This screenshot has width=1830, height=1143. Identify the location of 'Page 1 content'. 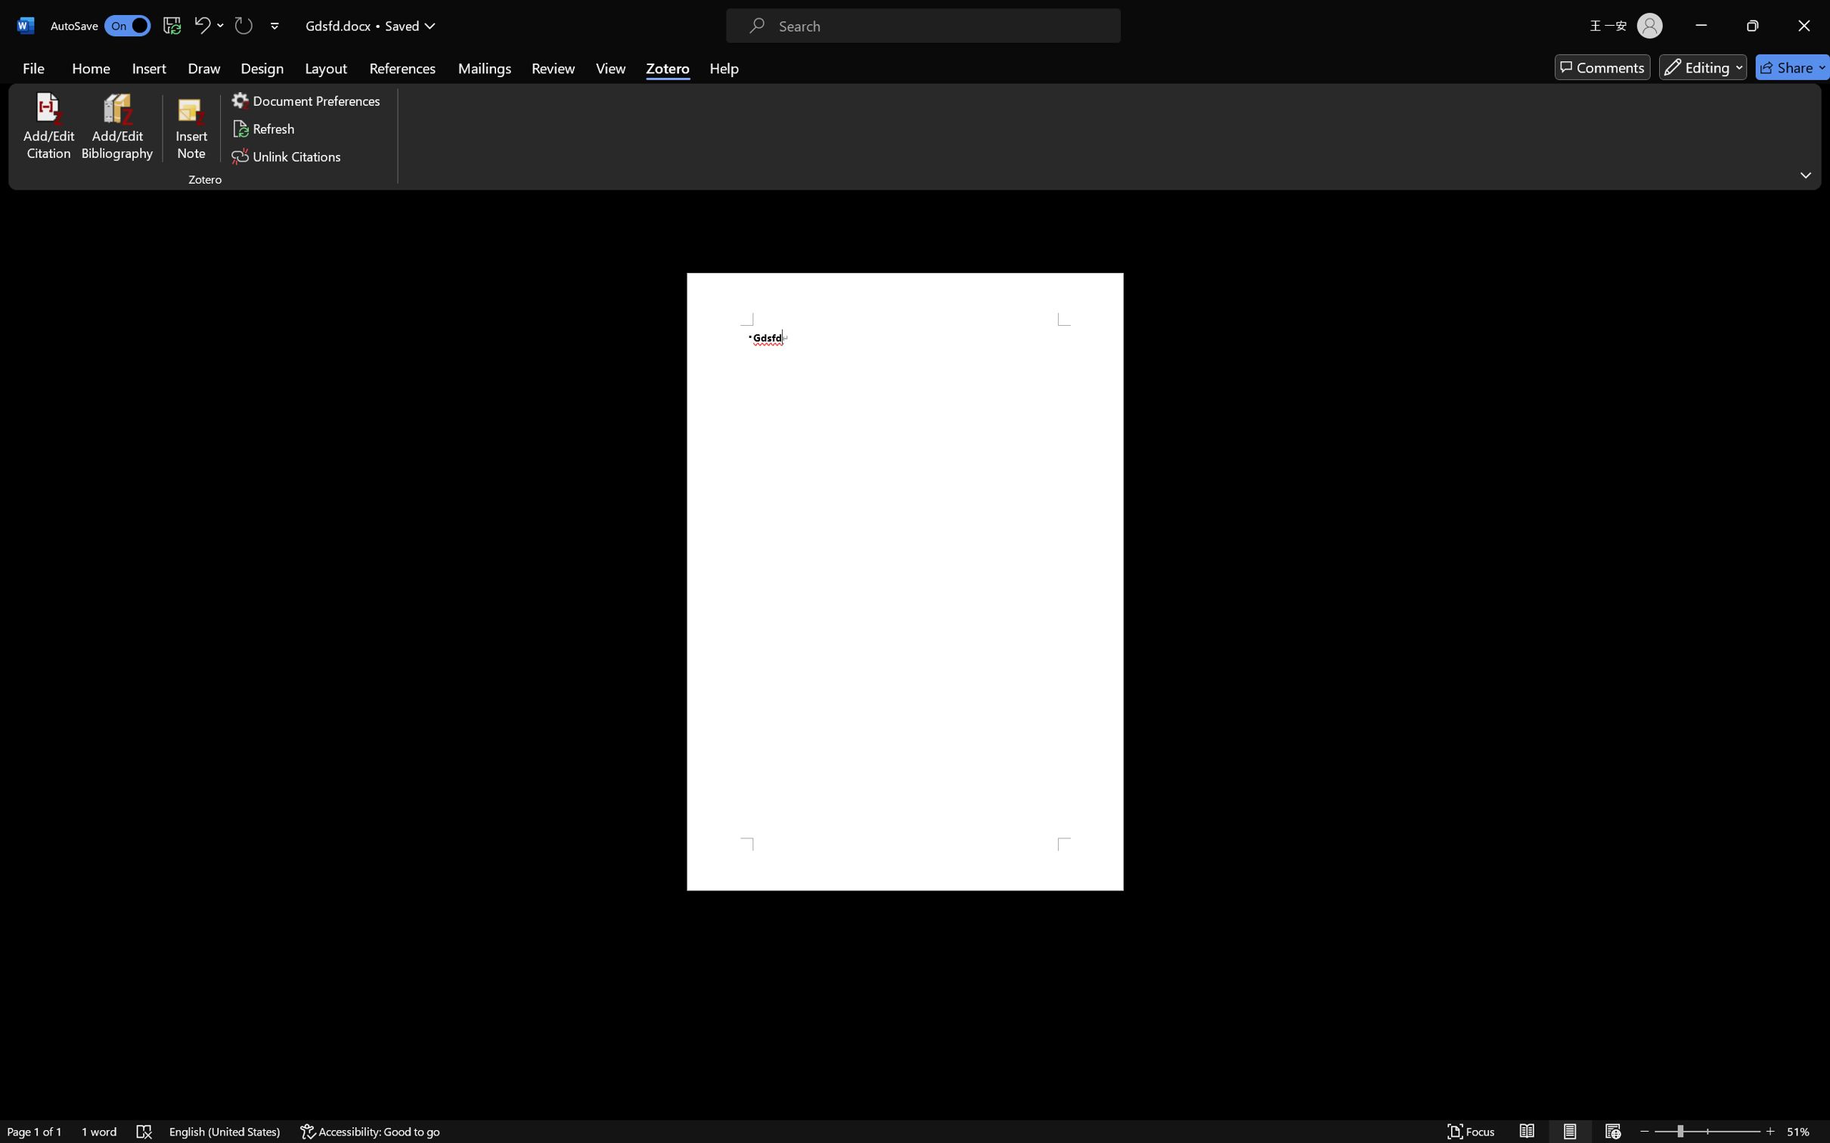
(904, 581).